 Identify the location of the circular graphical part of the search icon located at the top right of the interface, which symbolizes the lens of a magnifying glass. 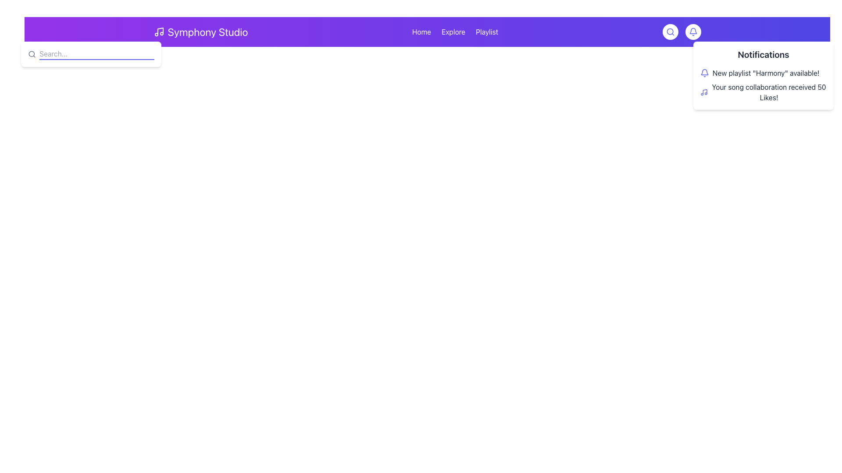
(669, 31).